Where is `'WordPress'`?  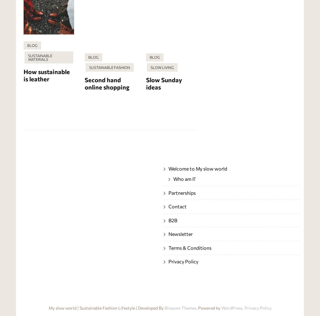 'WordPress' is located at coordinates (221, 308).